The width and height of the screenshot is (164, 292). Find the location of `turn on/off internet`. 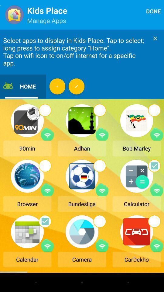

turn on/off internet is located at coordinates (157, 134).